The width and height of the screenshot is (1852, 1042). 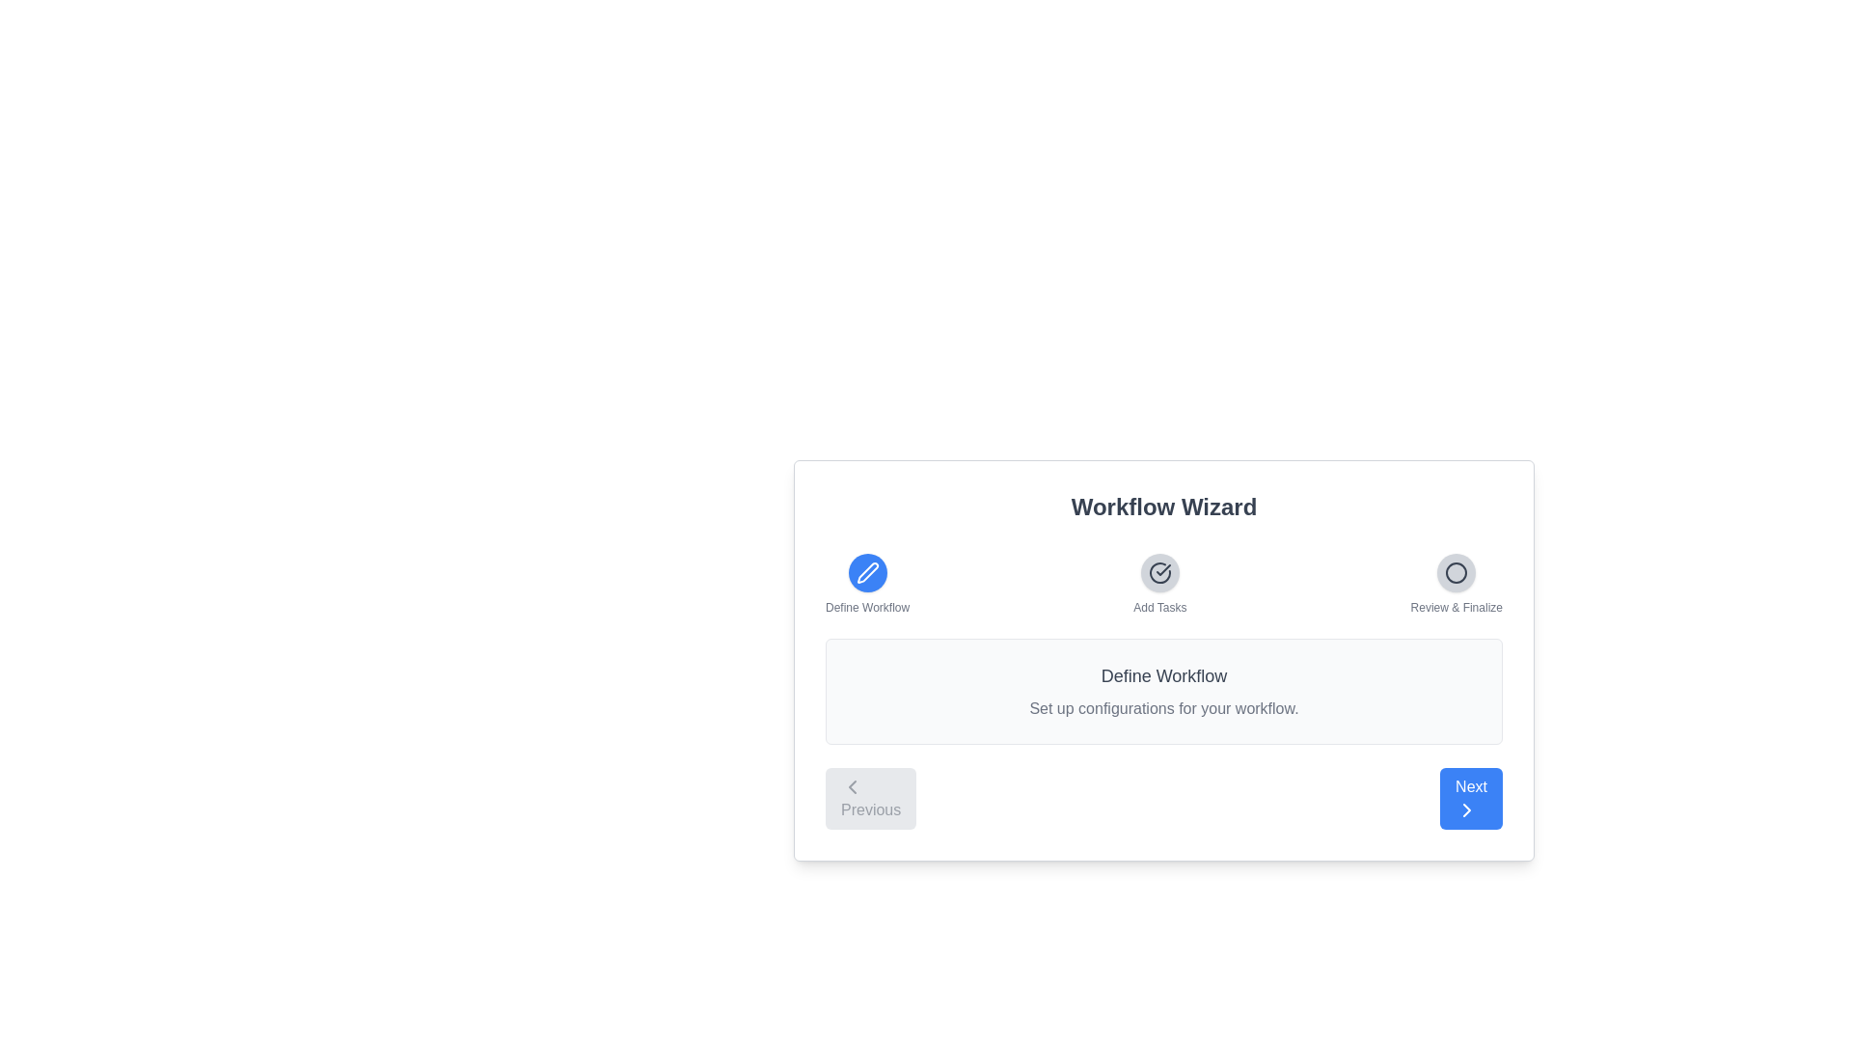 I want to click on the Text Label that serves as a header or title in the workflow setup process, located near the center of the panel and above the explanatory text 'Set up configurations for your workflow.', so click(x=1162, y=675).